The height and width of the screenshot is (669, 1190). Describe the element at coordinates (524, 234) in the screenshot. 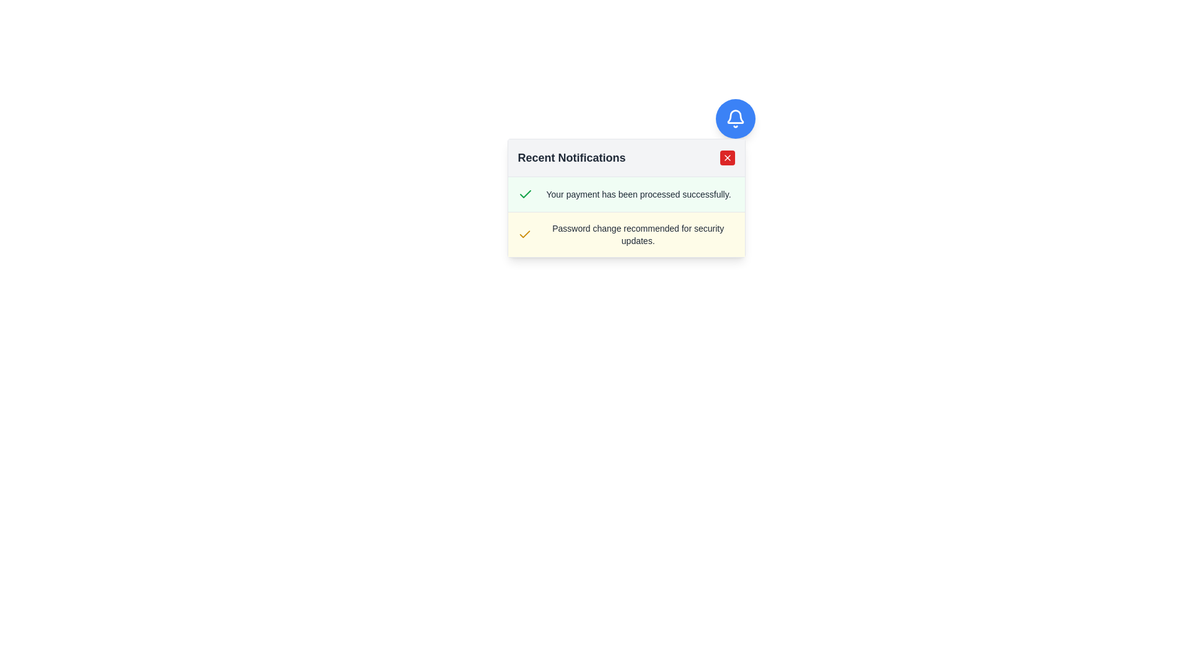

I see `the yellow checkmark icon (✔️) that indicates a successful payment notification positioned beside the message 'Your payment has been processed successfully' in the 'Recent Notifications' box` at that location.